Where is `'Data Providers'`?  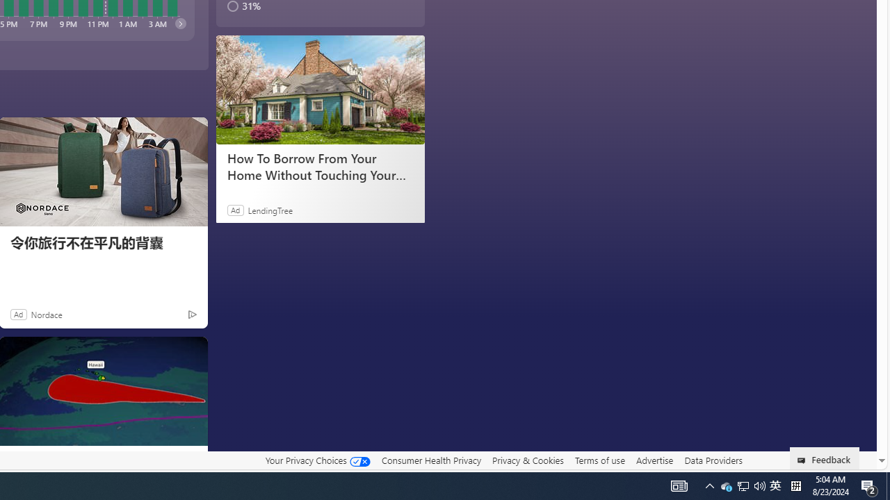 'Data Providers' is located at coordinates (713, 460).